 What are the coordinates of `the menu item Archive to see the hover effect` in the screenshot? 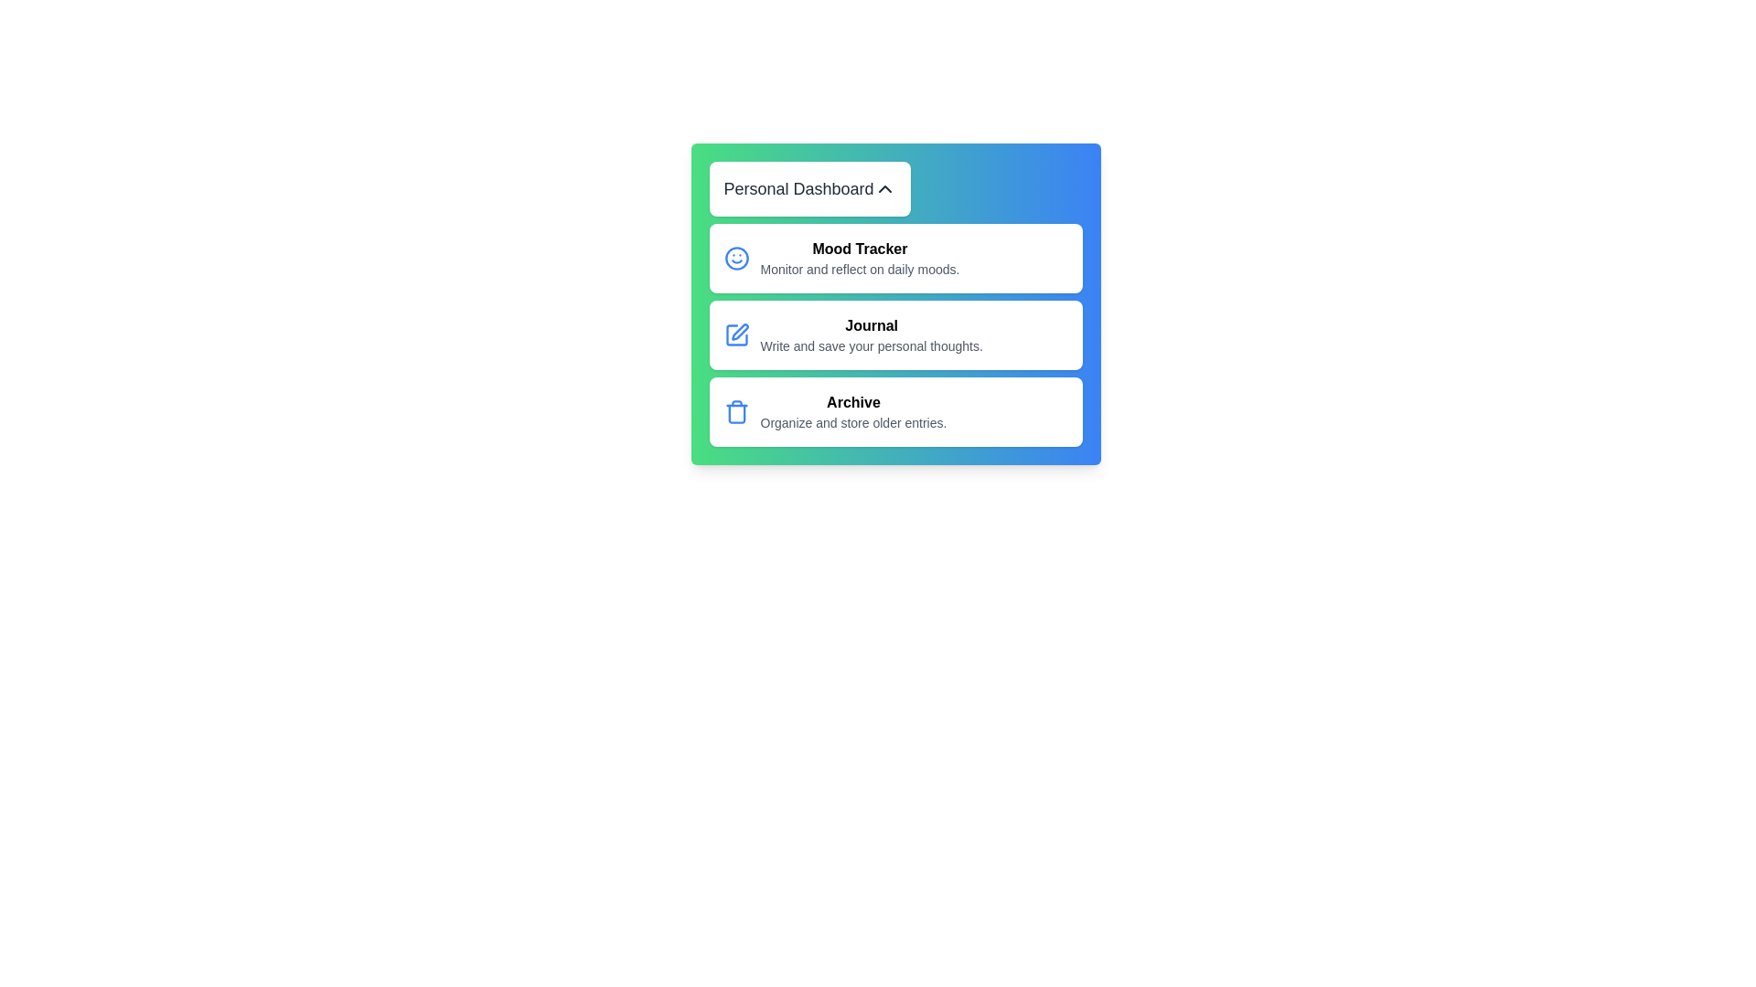 It's located at (895, 412).